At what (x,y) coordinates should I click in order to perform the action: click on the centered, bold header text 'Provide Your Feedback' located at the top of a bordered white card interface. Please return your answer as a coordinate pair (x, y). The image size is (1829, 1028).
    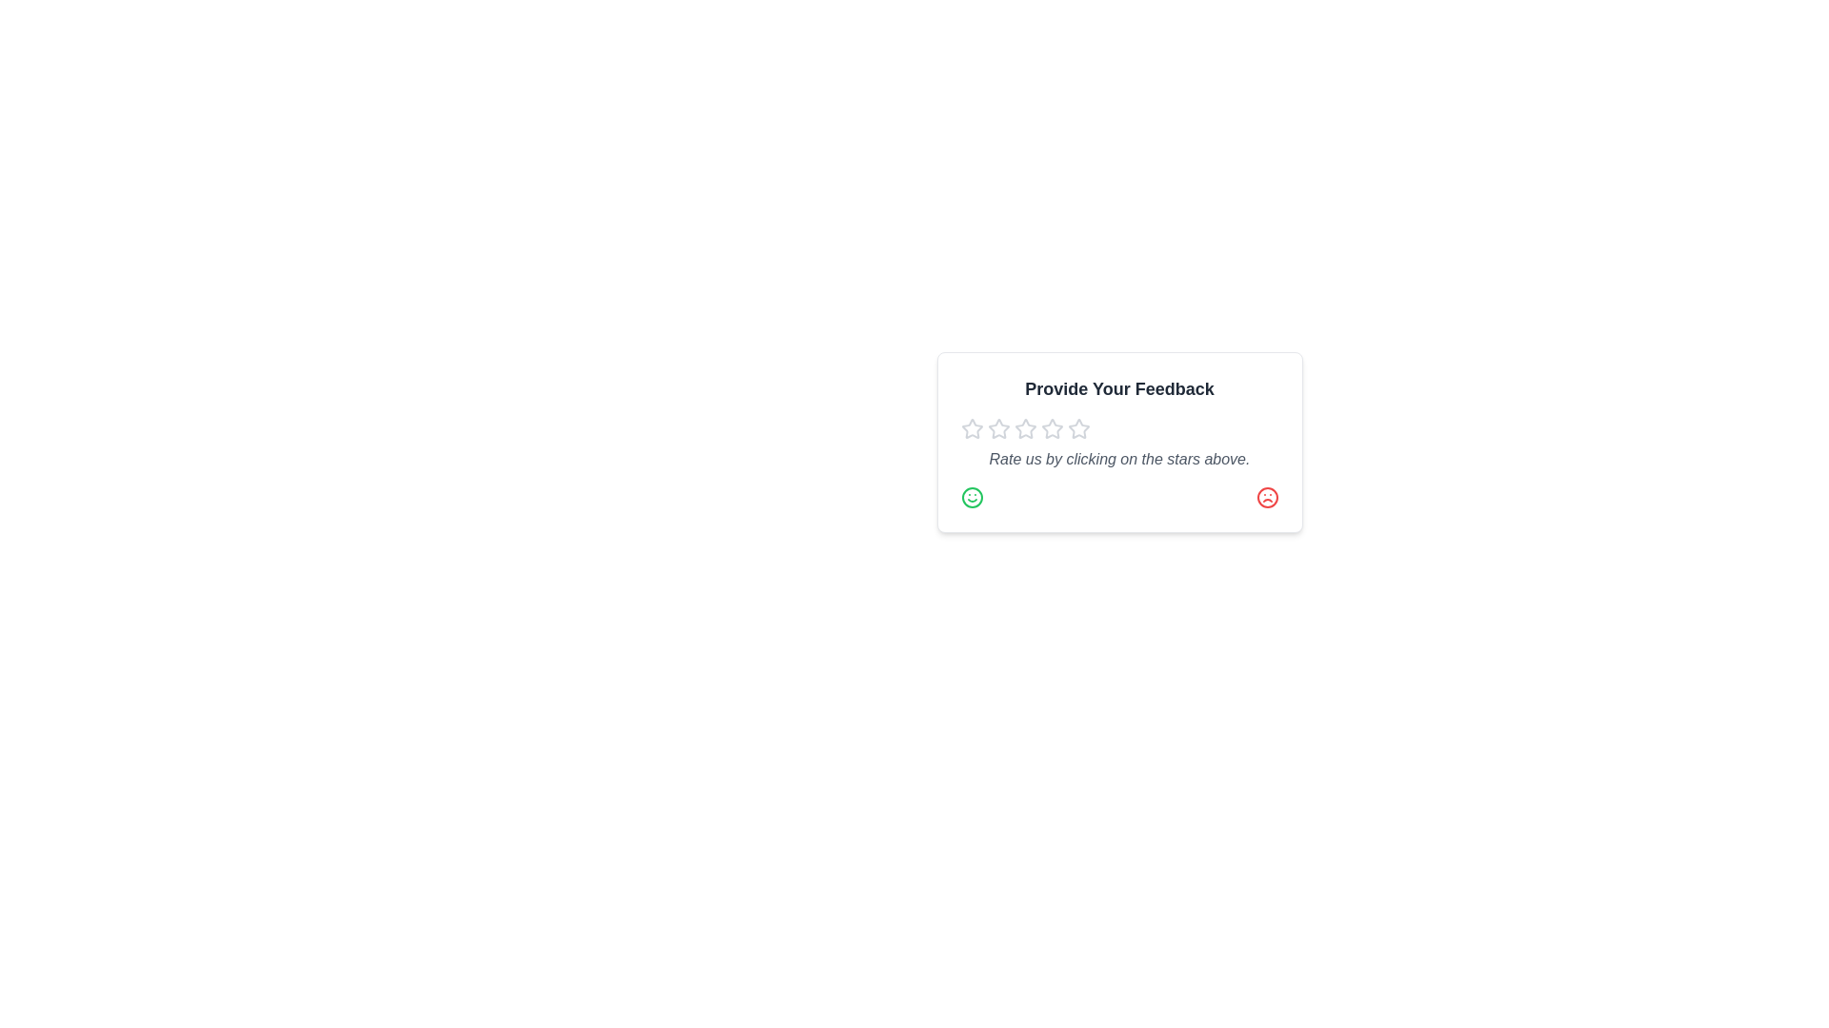
    Looking at the image, I should click on (1119, 387).